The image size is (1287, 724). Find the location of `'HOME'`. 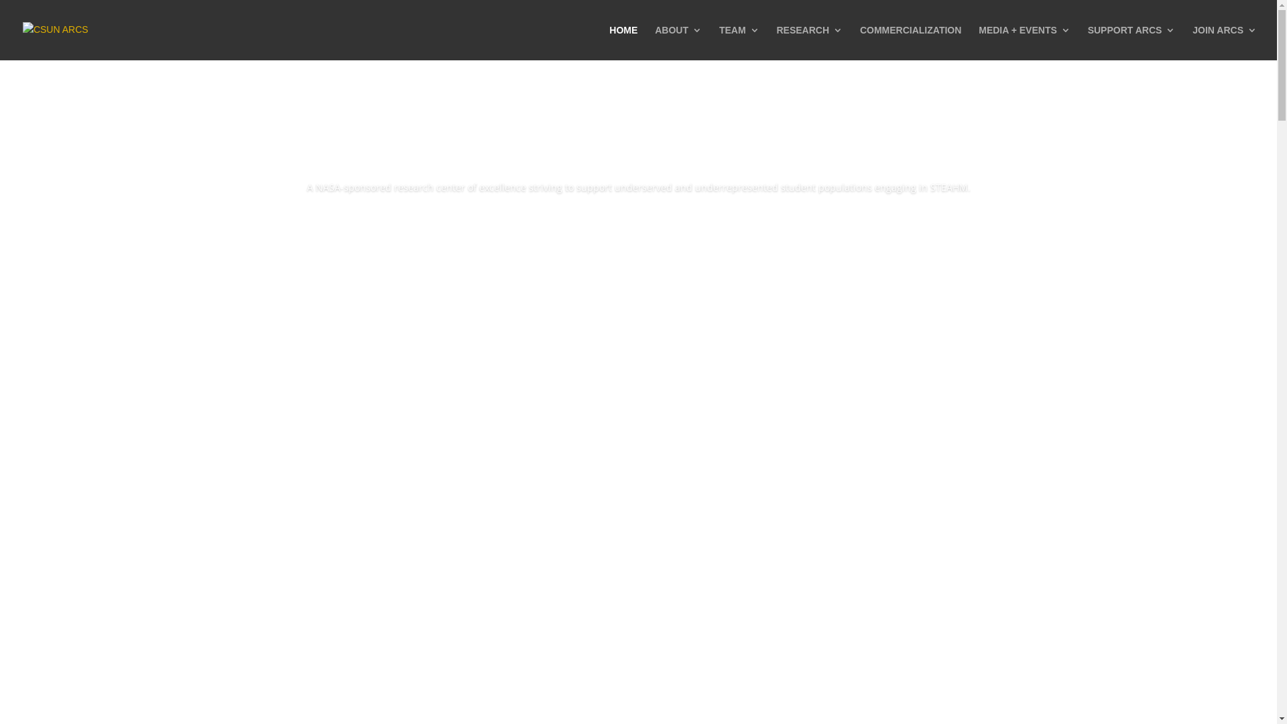

'HOME' is located at coordinates (608, 42).